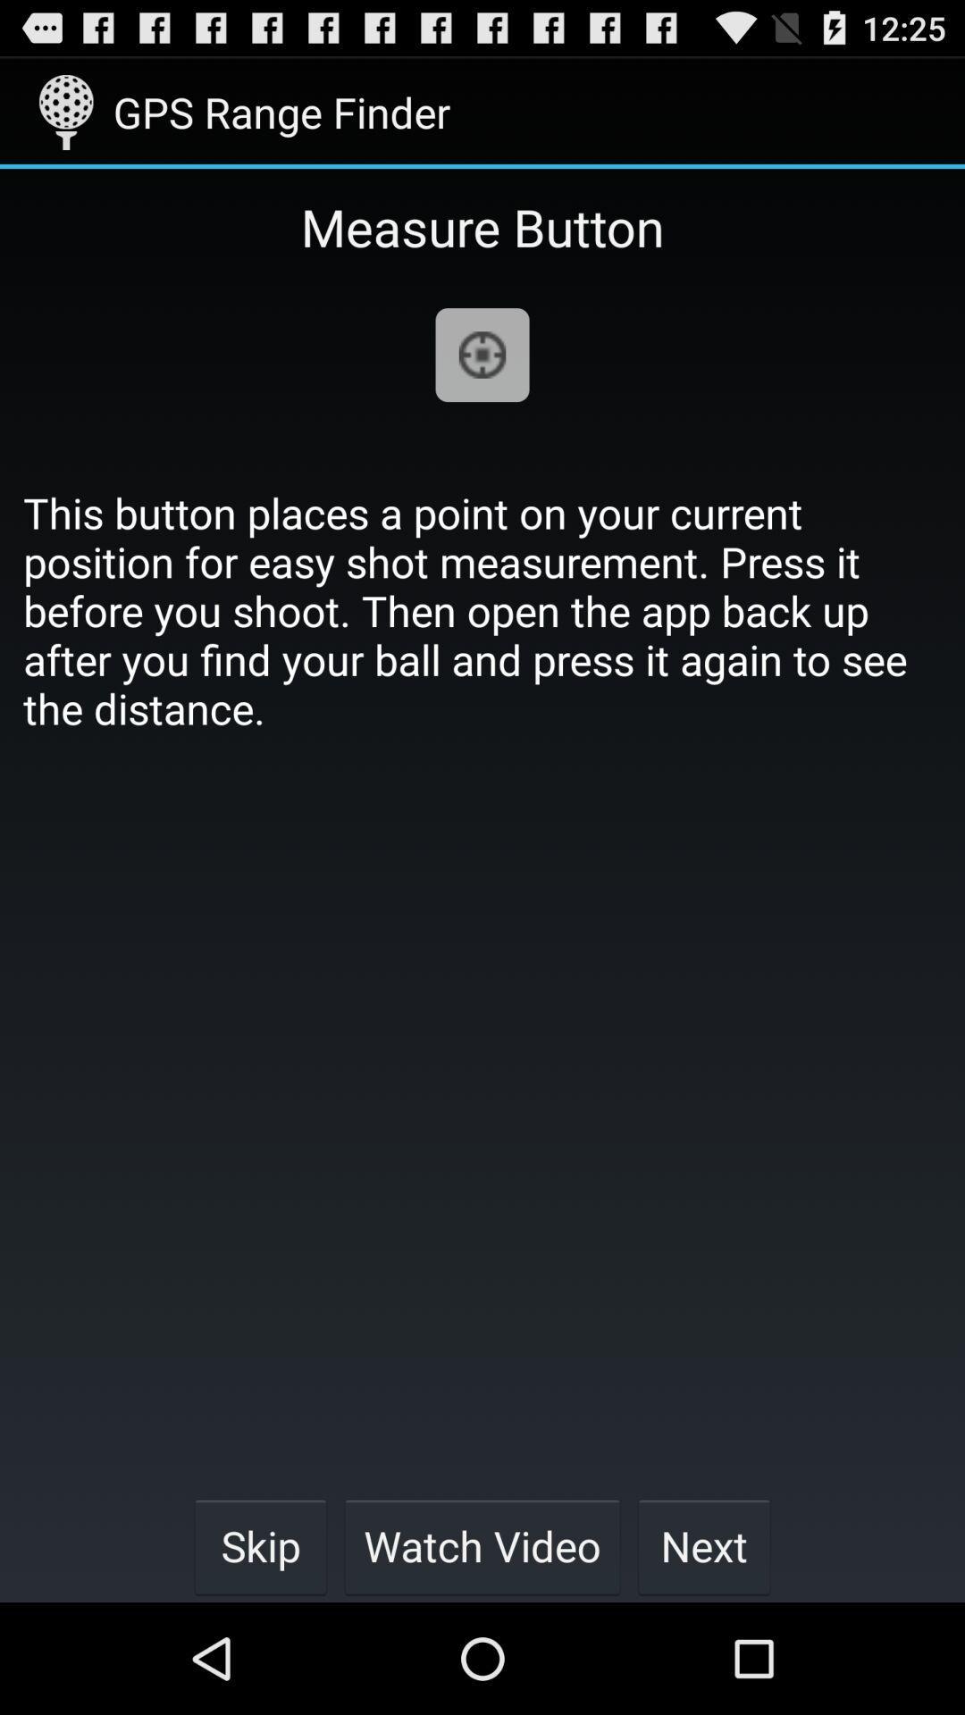 The image size is (965, 1715). What do you see at coordinates (703, 1545) in the screenshot?
I see `icon next to watch video icon` at bounding box center [703, 1545].